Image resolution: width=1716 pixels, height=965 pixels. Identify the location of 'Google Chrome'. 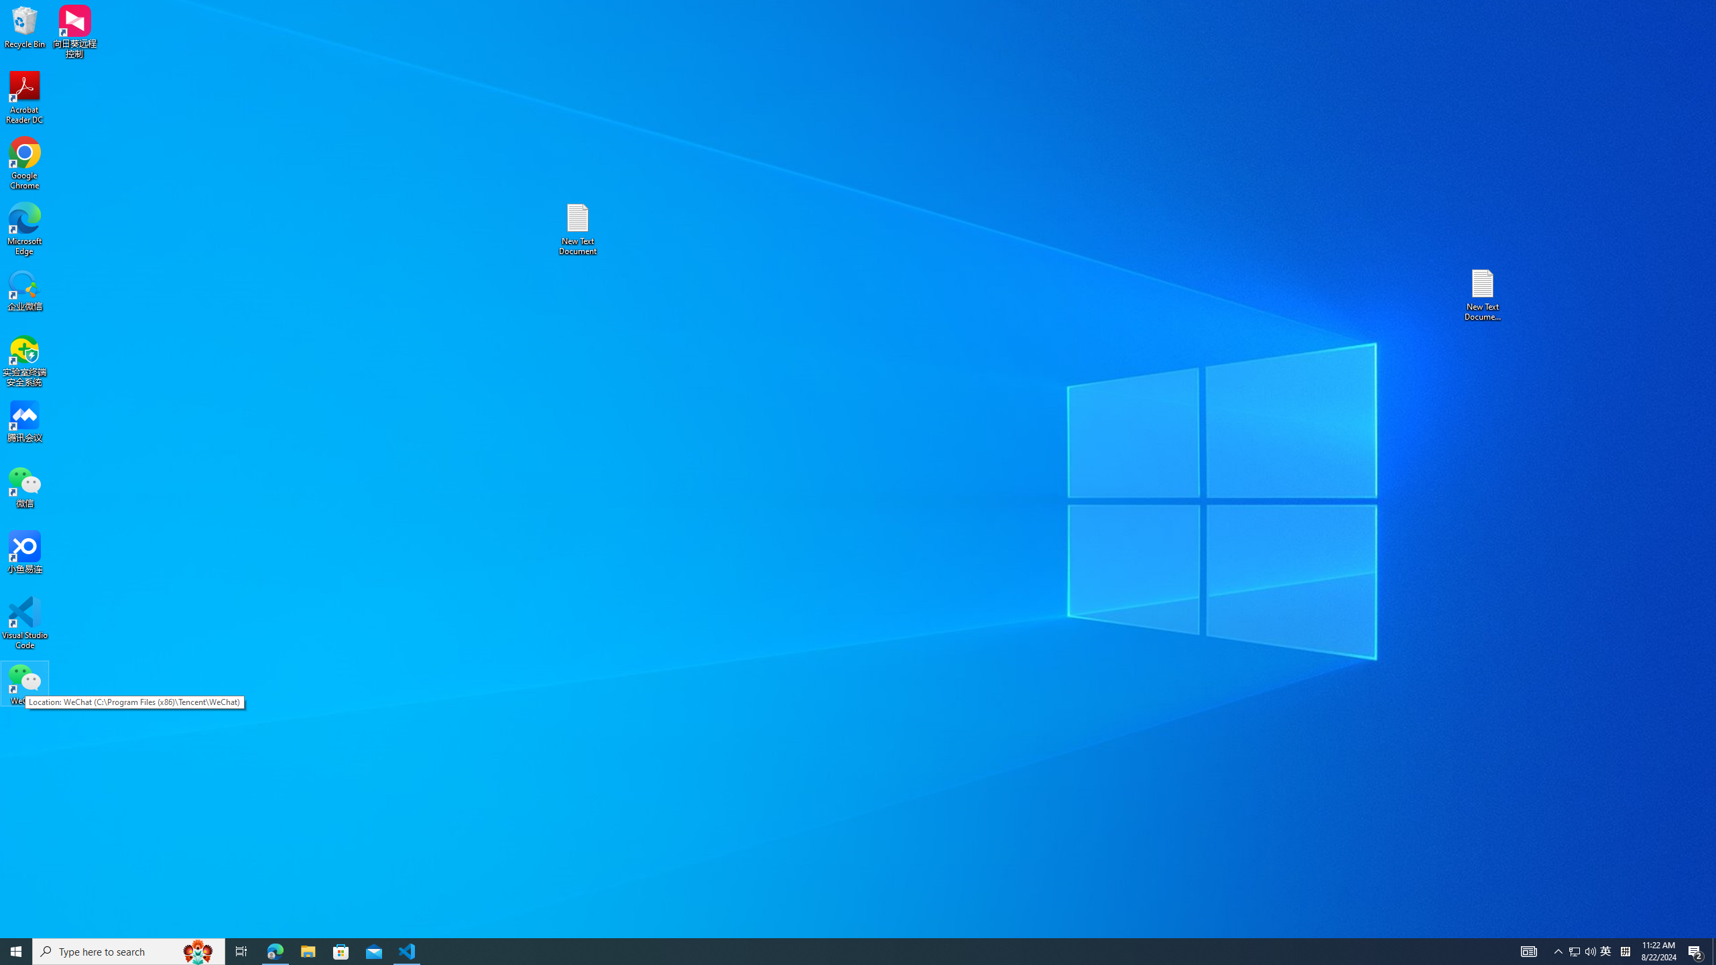
(24, 164).